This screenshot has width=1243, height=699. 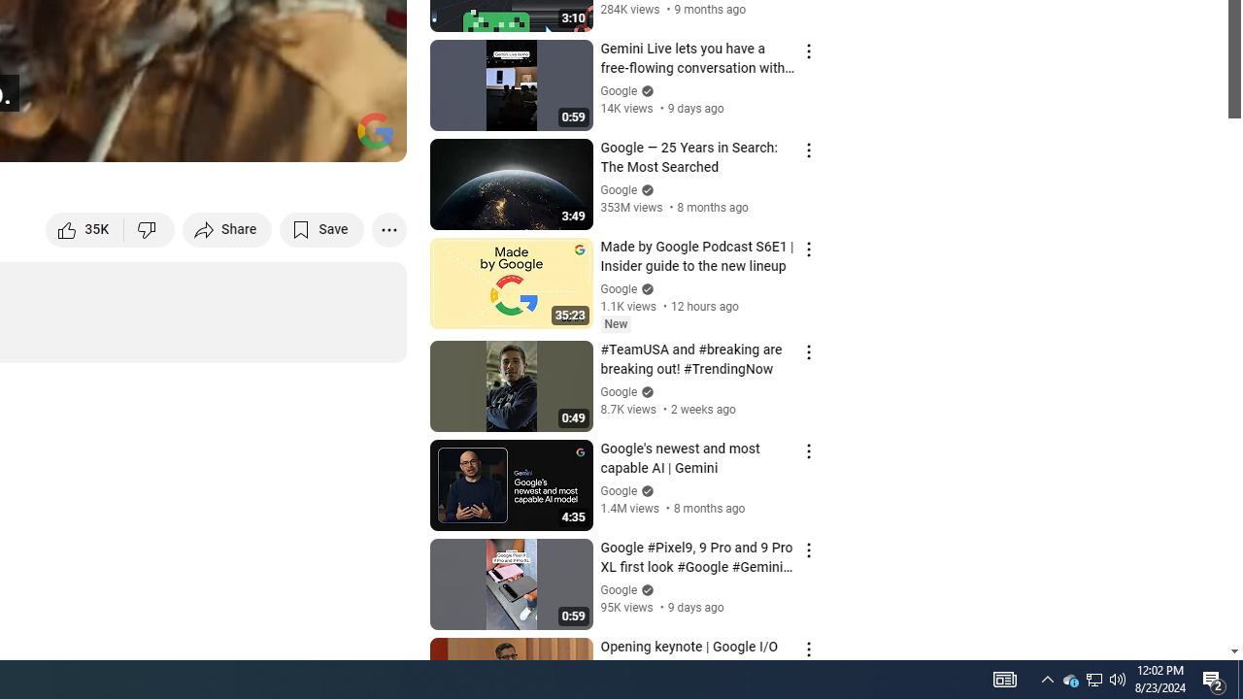 What do you see at coordinates (321, 228) in the screenshot?
I see `'Save to playlist'` at bounding box center [321, 228].